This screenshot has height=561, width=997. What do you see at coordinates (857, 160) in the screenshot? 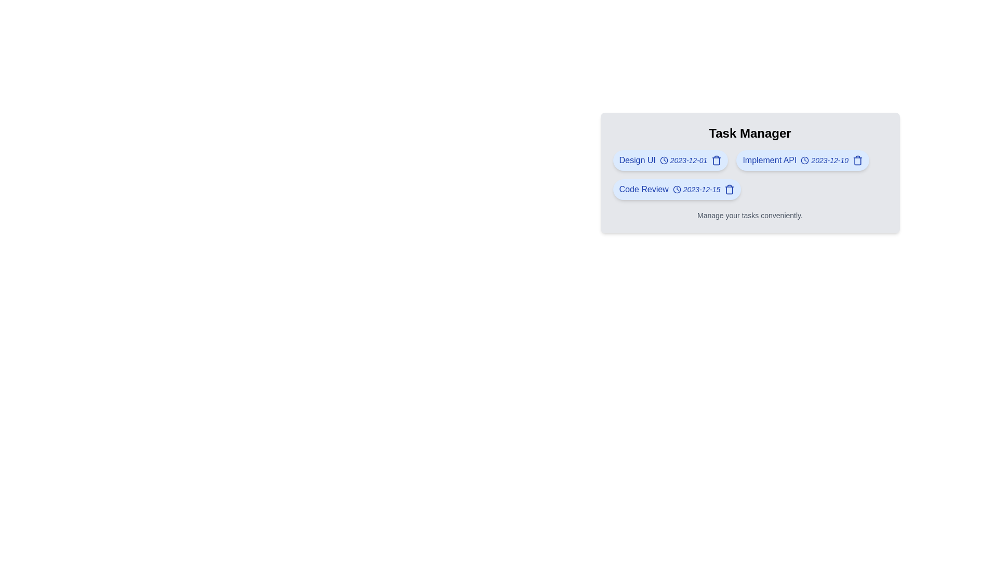
I see `the trash icon to remove the task named Implement API` at bounding box center [857, 160].